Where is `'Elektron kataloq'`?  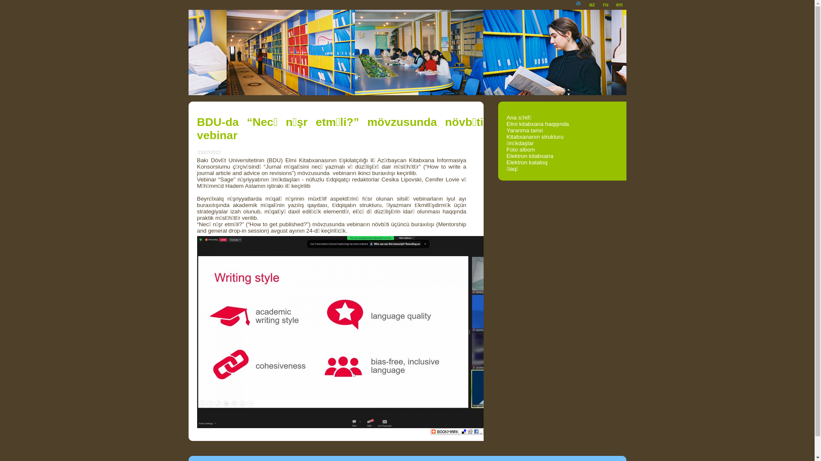 'Elektron kataloq' is located at coordinates (506, 162).